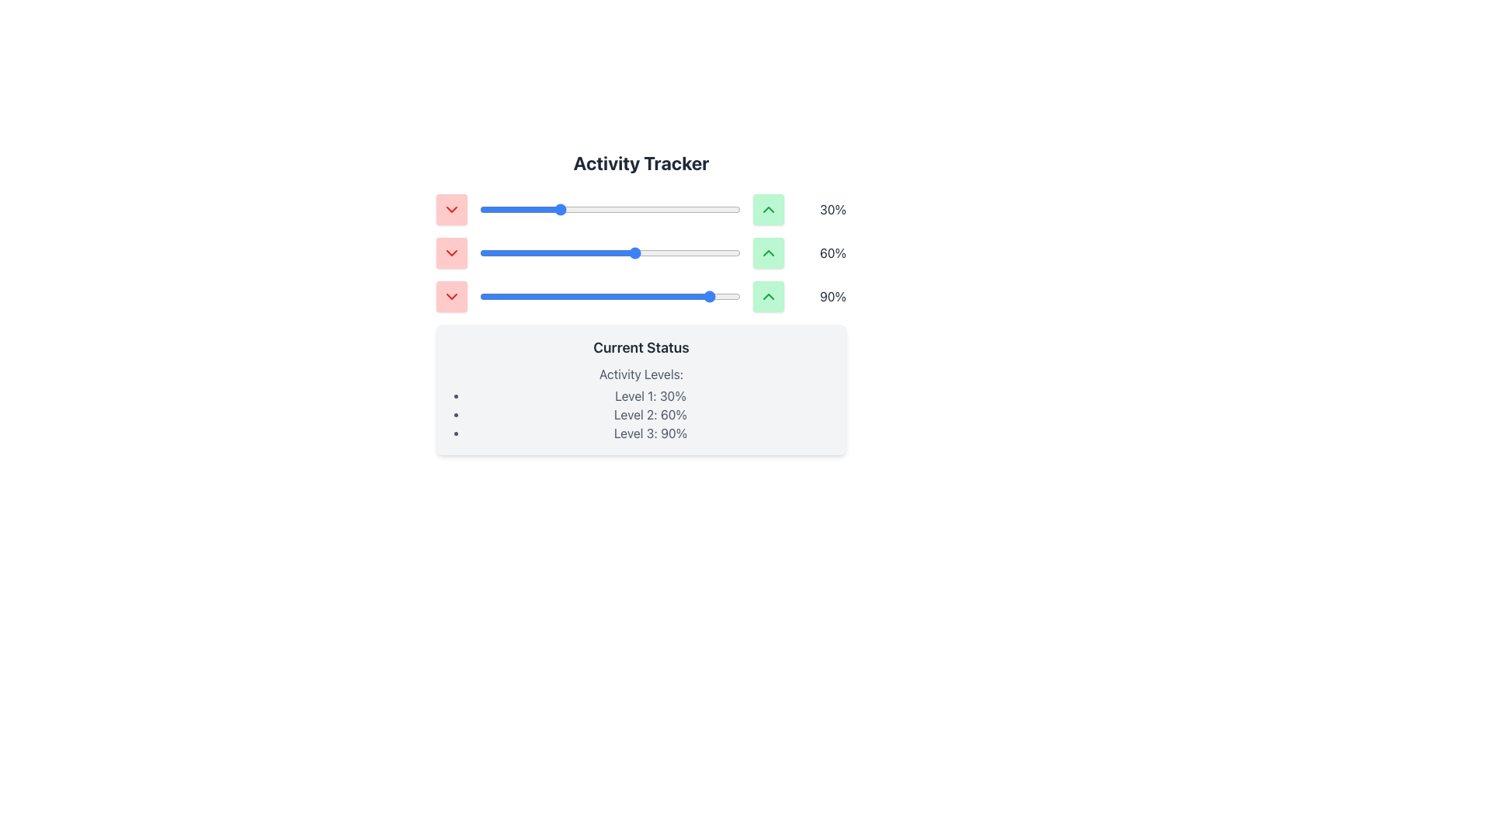 This screenshot has width=1491, height=839. Describe the element at coordinates (580, 252) in the screenshot. I see `the slider value` at that location.